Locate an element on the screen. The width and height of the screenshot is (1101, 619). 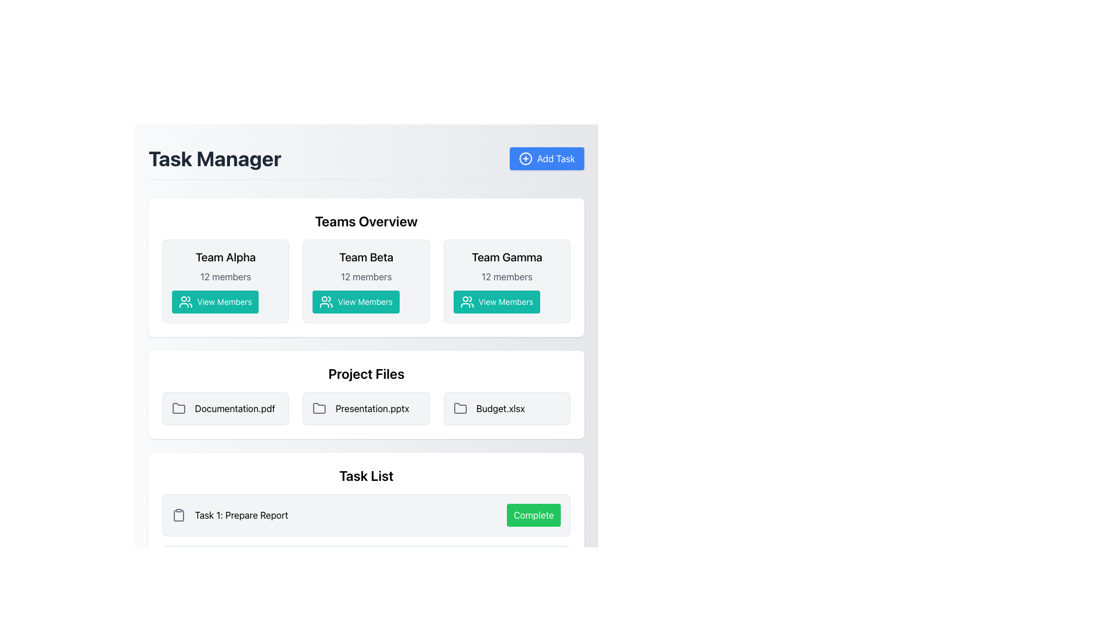
the circular plus icon located to the left of the text label in the 'Add Task' button in the top-right corner of the interface, indirectly triggering the button is located at coordinates (525, 159).